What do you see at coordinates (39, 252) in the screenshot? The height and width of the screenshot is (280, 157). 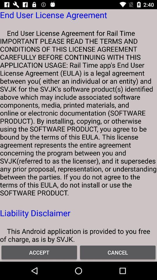 I see `the button to the left of the cancel item` at bounding box center [39, 252].